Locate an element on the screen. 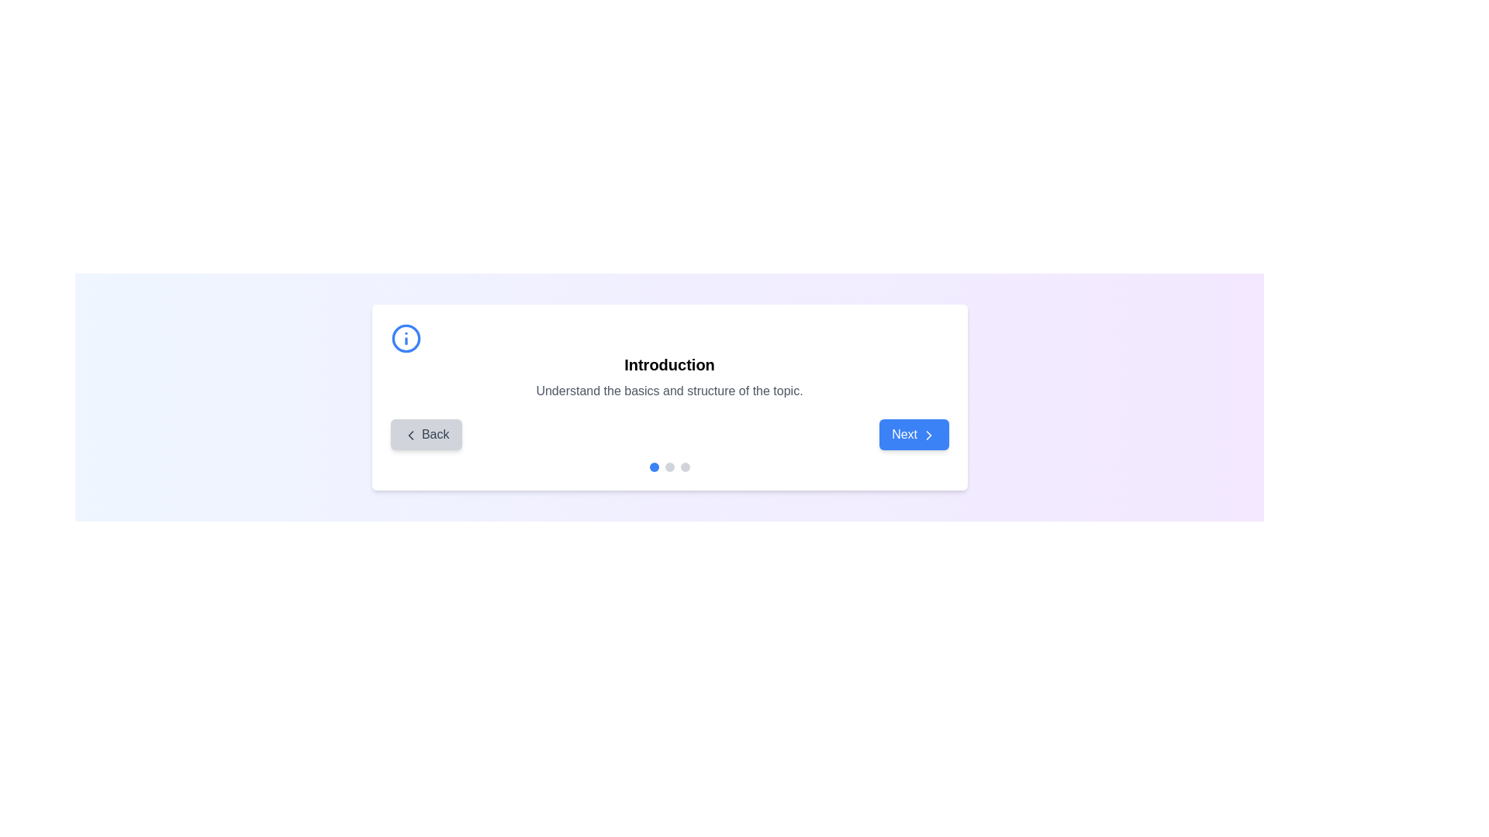  the navigation button located at the rightmost end of its containing group is located at coordinates (914, 434).